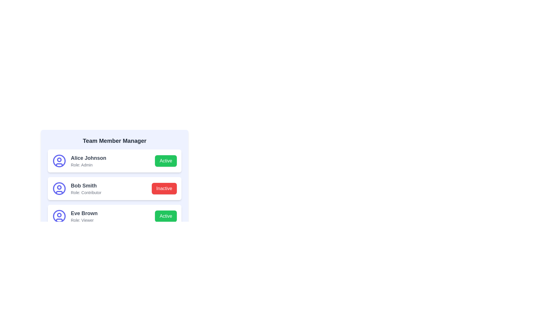  I want to click on the text label 'Alice Johnson', which is styled with a large, bold, gray font and located at the top-center of the first user card in the list under 'Team Member Manager', so click(88, 158).